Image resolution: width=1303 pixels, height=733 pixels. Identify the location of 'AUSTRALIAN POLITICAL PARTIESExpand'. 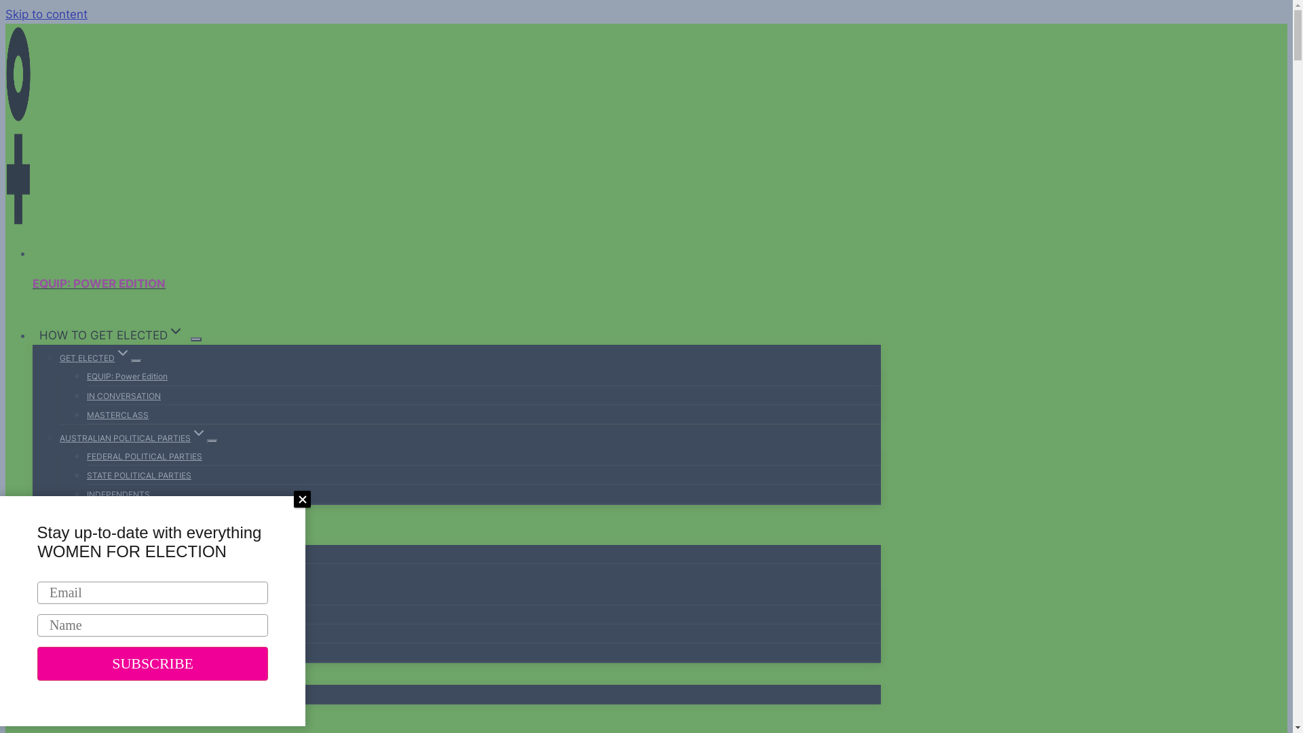
(133, 438).